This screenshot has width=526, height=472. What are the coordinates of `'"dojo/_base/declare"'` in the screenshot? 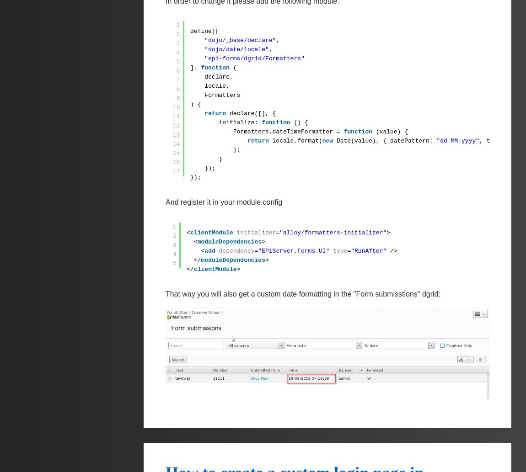 It's located at (240, 40).